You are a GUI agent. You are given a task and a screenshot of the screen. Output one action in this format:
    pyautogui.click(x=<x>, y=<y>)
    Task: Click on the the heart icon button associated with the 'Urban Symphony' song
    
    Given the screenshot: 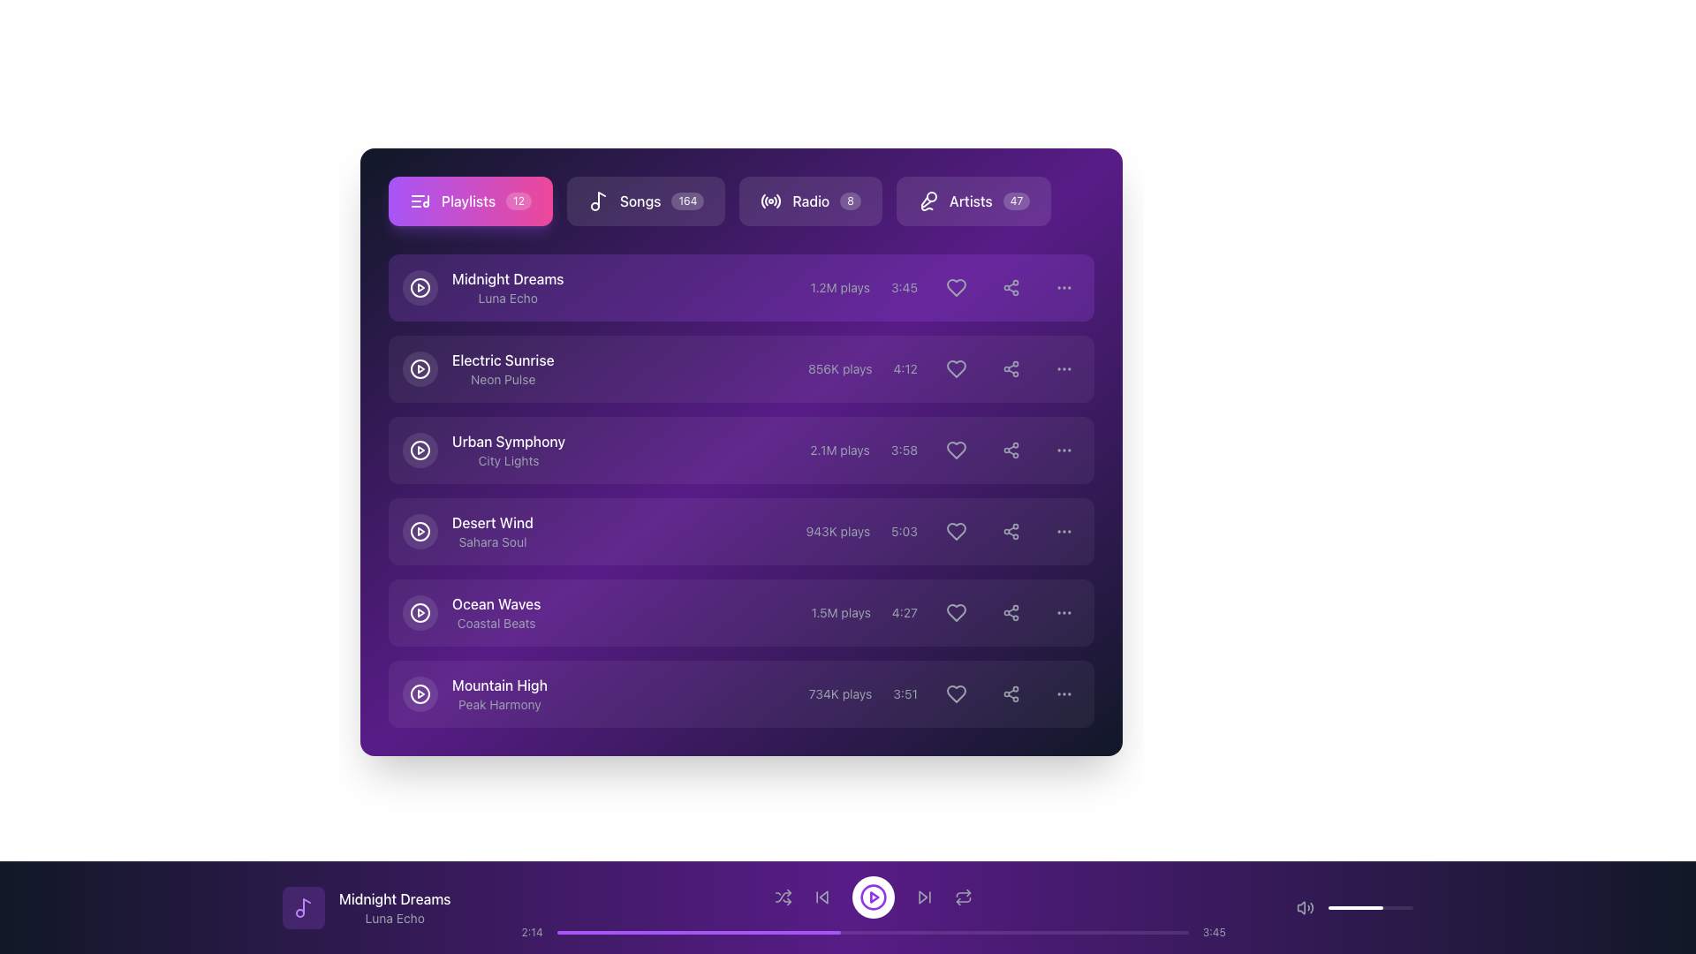 What is the action you would take?
    pyautogui.click(x=956, y=449)
    